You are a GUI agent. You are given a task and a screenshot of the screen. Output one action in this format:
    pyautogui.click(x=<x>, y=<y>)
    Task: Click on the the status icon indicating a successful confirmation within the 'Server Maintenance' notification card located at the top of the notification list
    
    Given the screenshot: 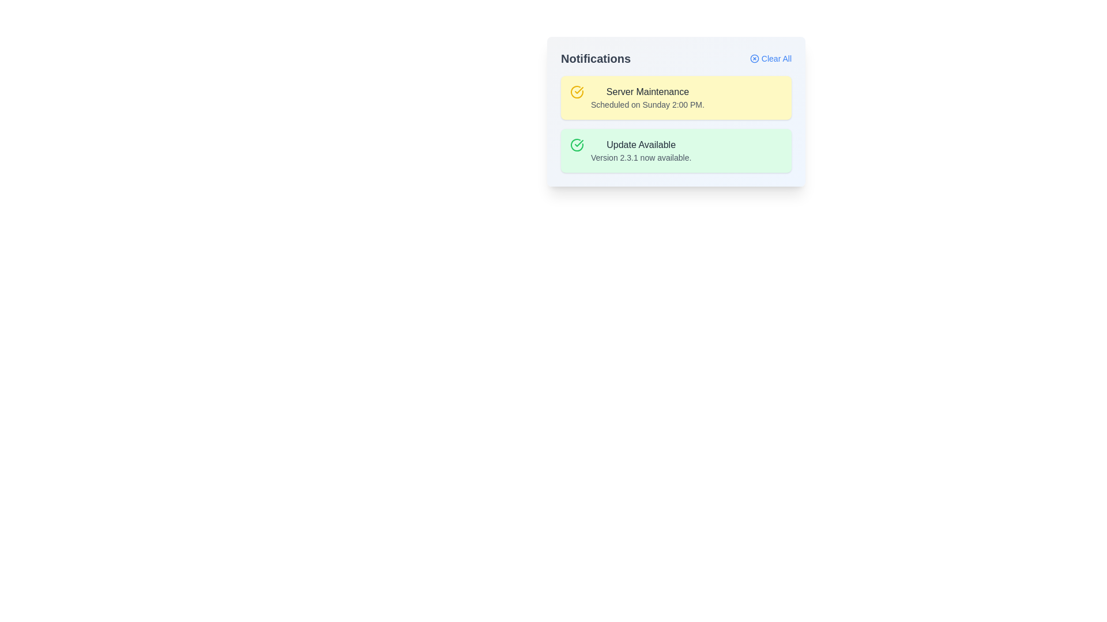 What is the action you would take?
    pyautogui.click(x=577, y=91)
    